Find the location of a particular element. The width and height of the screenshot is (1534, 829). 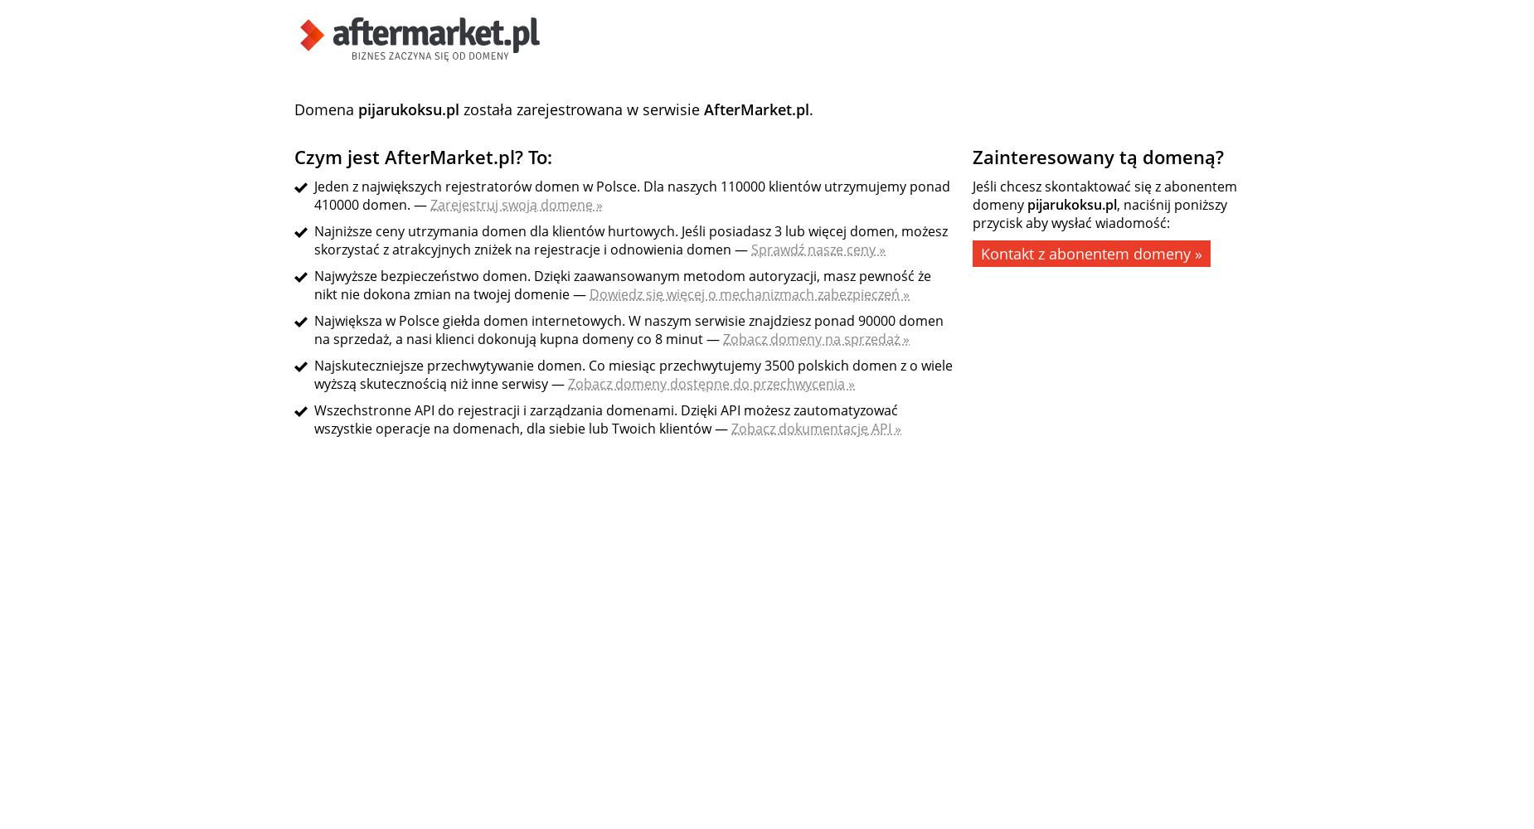

'Jeśli chcesz skontaktować się z abonentem domeny' is located at coordinates (1104, 195).